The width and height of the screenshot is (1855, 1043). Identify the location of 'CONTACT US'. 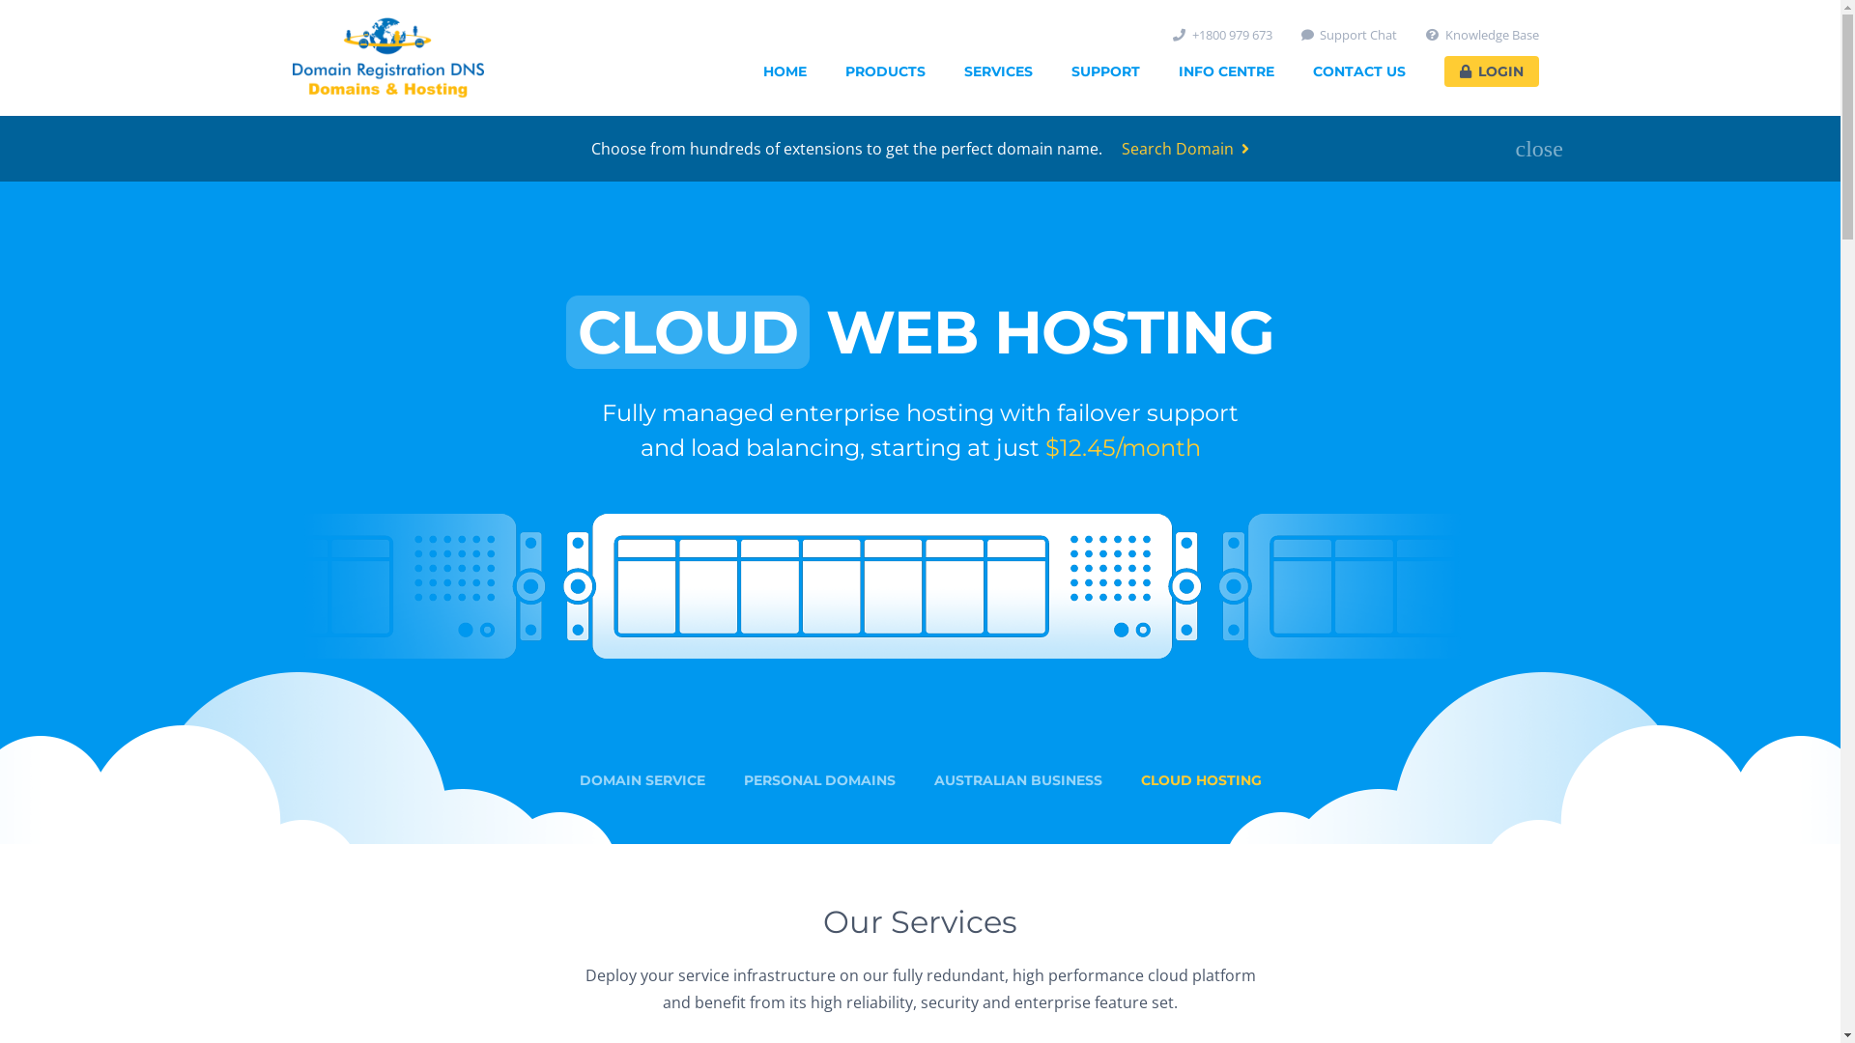
(1357, 70).